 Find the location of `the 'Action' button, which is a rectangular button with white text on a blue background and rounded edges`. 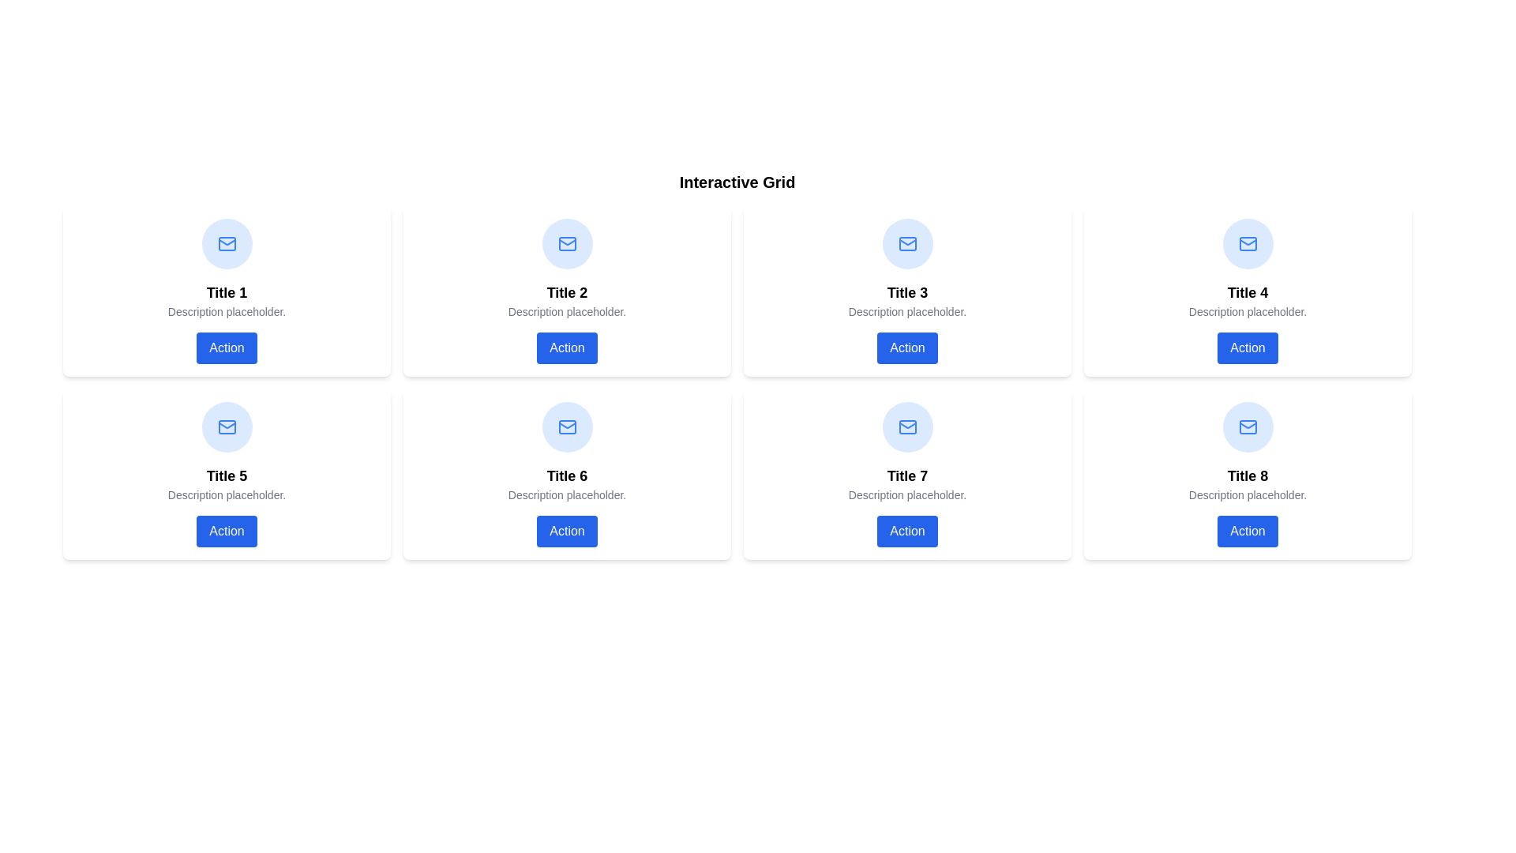

the 'Action' button, which is a rectangular button with white text on a blue background and rounded edges is located at coordinates (567, 531).